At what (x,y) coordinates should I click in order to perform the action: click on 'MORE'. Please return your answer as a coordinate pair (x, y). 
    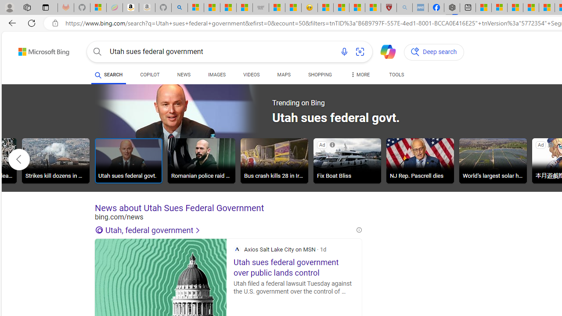
    Looking at the image, I should click on (360, 75).